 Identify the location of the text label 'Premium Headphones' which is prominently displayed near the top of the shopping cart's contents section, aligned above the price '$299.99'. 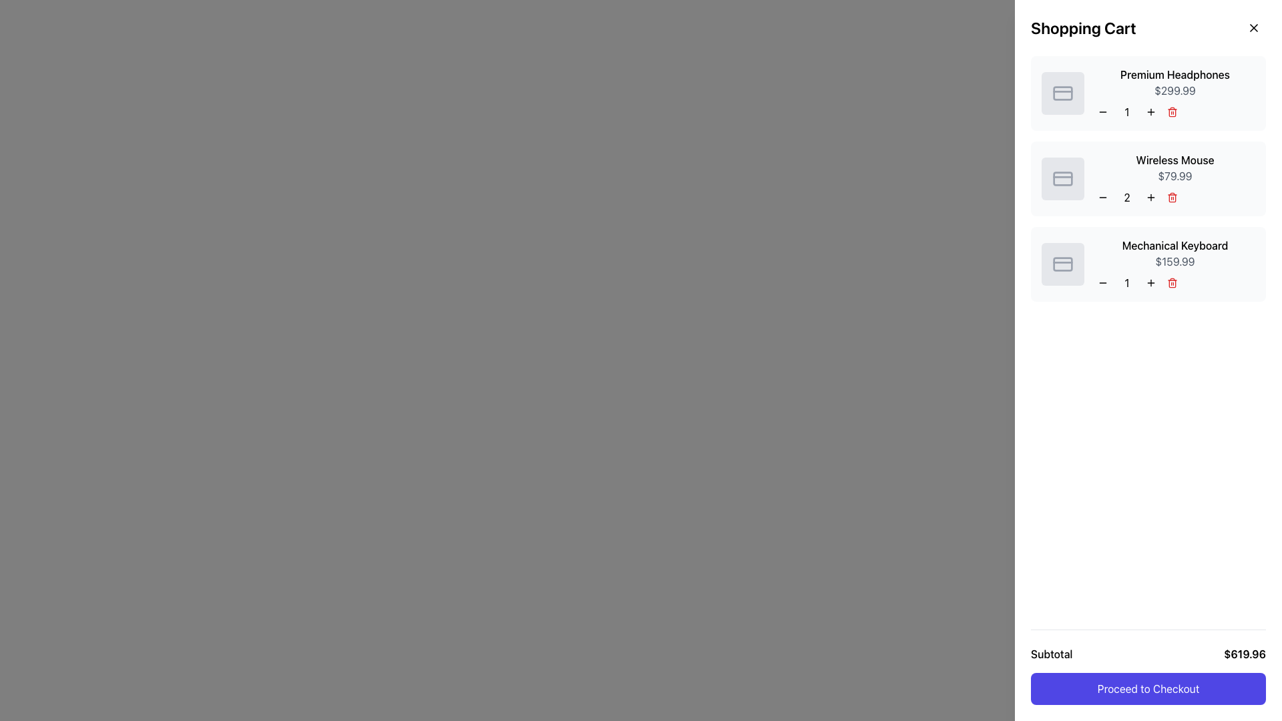
(1175, 74).